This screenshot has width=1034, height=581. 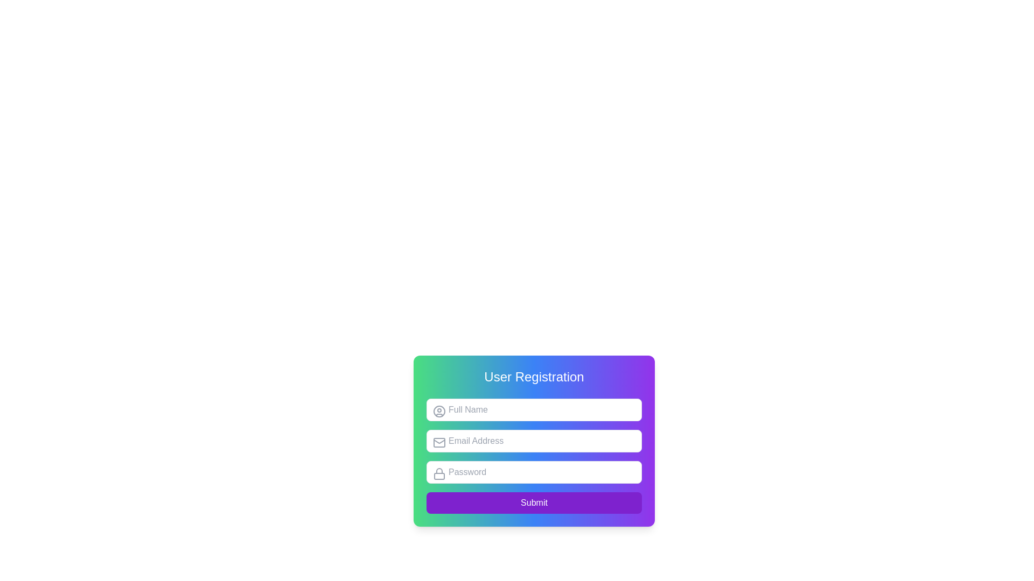 What do you see at coordinates (439, 476) in the screenshot?
I see `the decorative rectangular shape with rounded corners within the SVG graphic of the lock icon, which is part of the secured password input representation` at bounding box center [439, 476].